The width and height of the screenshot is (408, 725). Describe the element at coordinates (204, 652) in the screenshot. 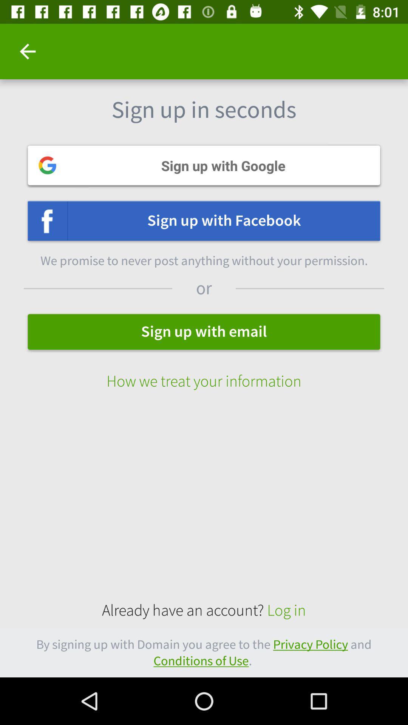

I see `the by signing up icon` at that location.